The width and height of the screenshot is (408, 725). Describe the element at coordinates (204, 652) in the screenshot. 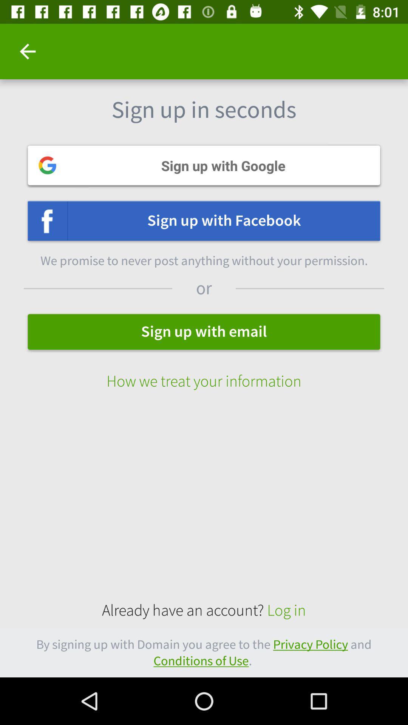

I see `the by signing up icon` at that location.